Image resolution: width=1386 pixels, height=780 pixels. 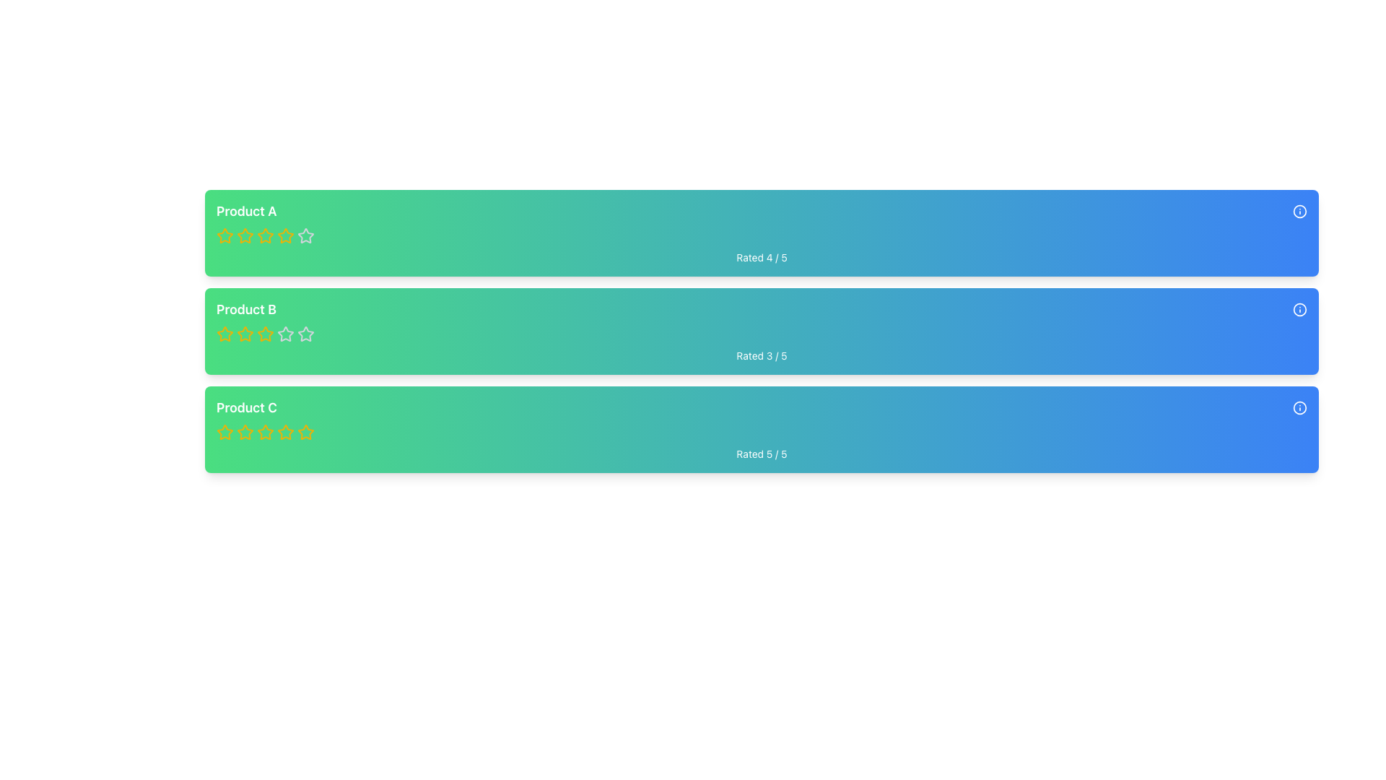 I want to click on the yellow star icon used for rating in the second group of entries related to Product B, which is the first of five stars, so click(x=225, y=334).